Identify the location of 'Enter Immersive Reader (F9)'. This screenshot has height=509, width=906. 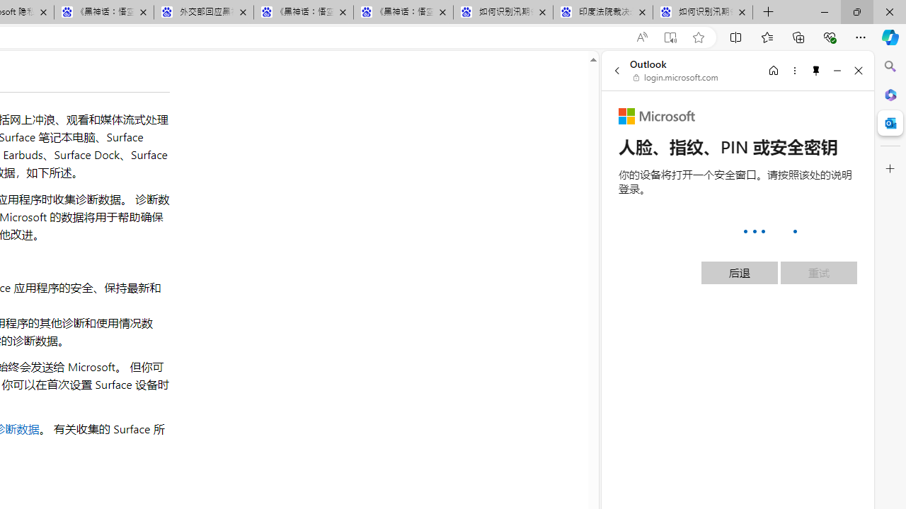
(669, 37).